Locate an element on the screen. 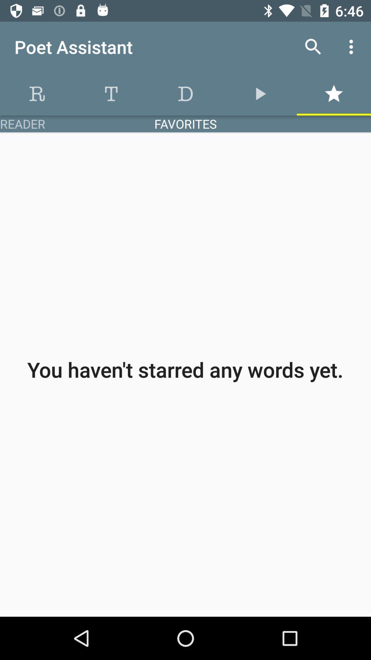 The width and height of the screenshot is (371, 660). item to the right of poet assistant icon is located at coordinates (313, 46).